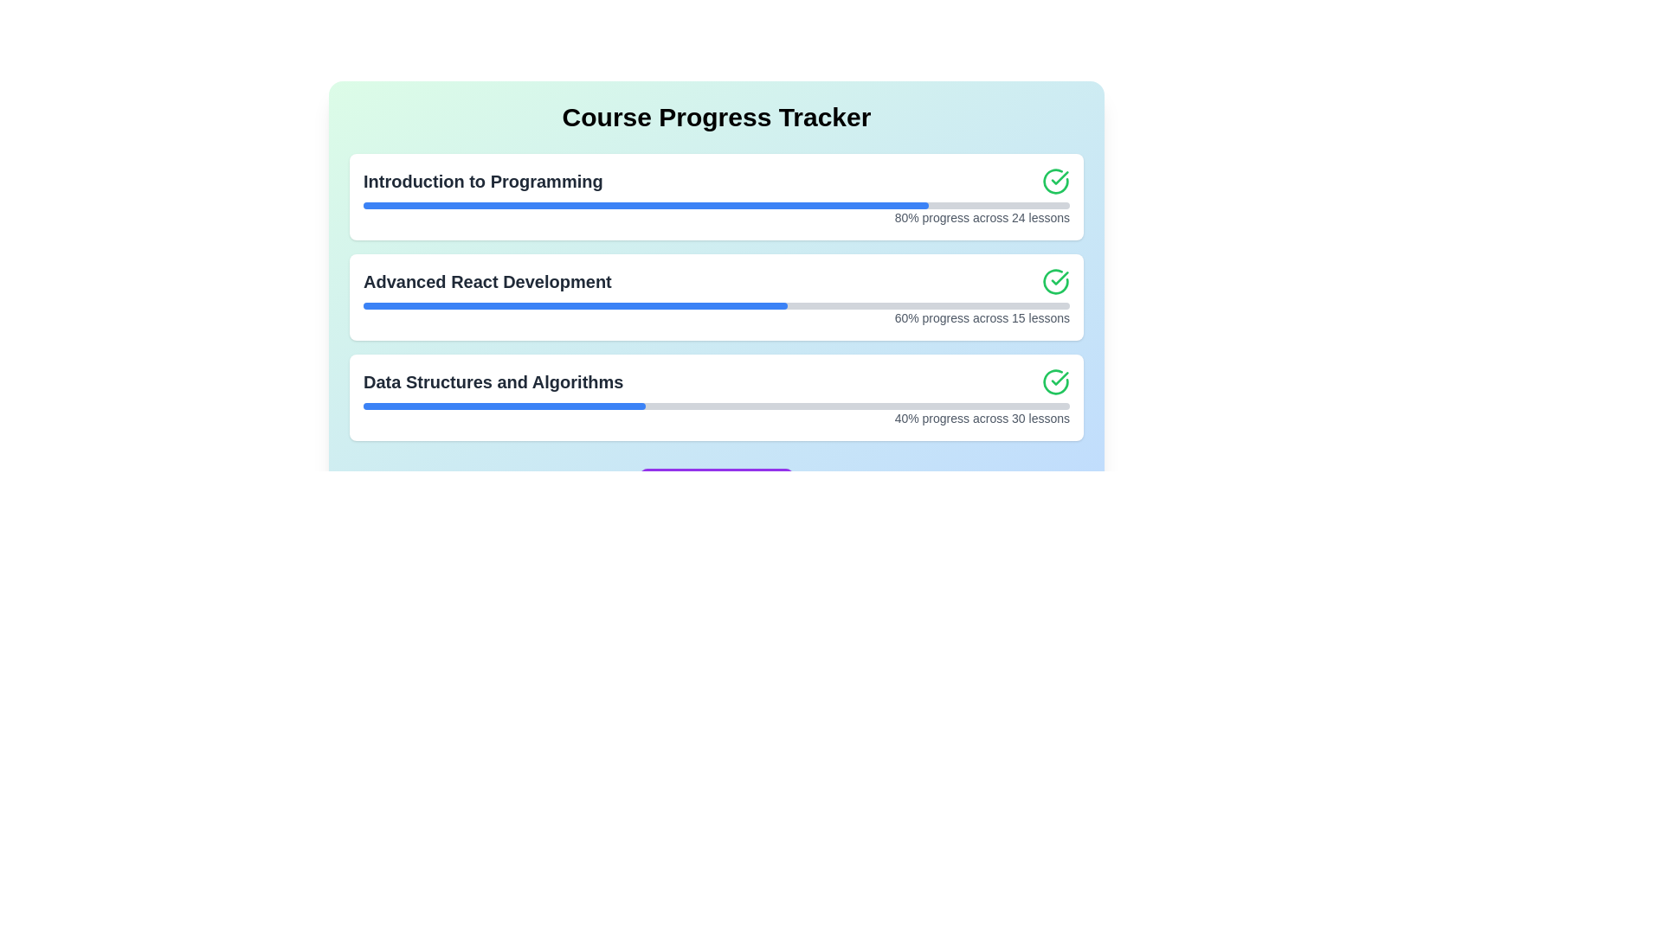 This screenshot has height=934, width=1662. Describe the element at coordinates (493, 381) in the screenshot. I see `the text label displaying 'Data Structures and Algorithms' which is styled in bold black or dark gray font and is part of the course modules list` at that location.